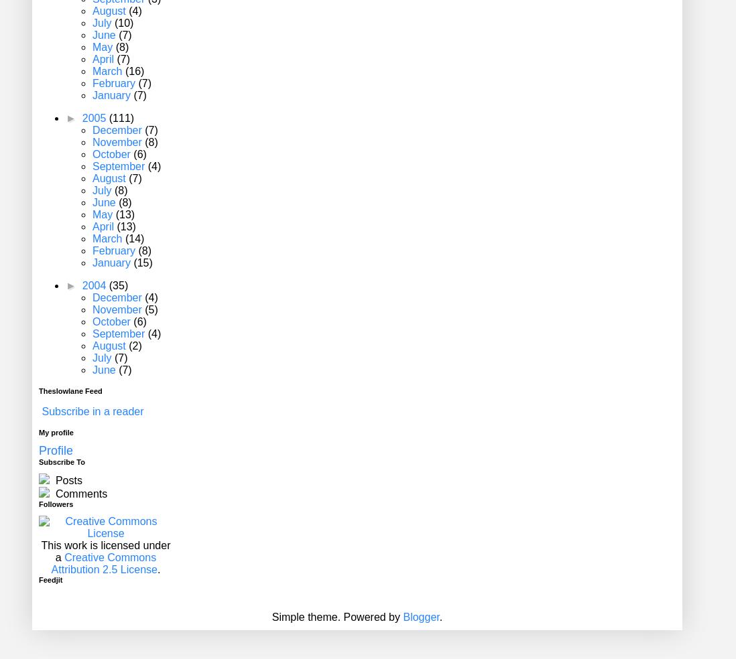 This screenshot has height=659, width=736. Describe the element at coordinates (134, 345) in the screenshot. I see `'(2)'` at that location.